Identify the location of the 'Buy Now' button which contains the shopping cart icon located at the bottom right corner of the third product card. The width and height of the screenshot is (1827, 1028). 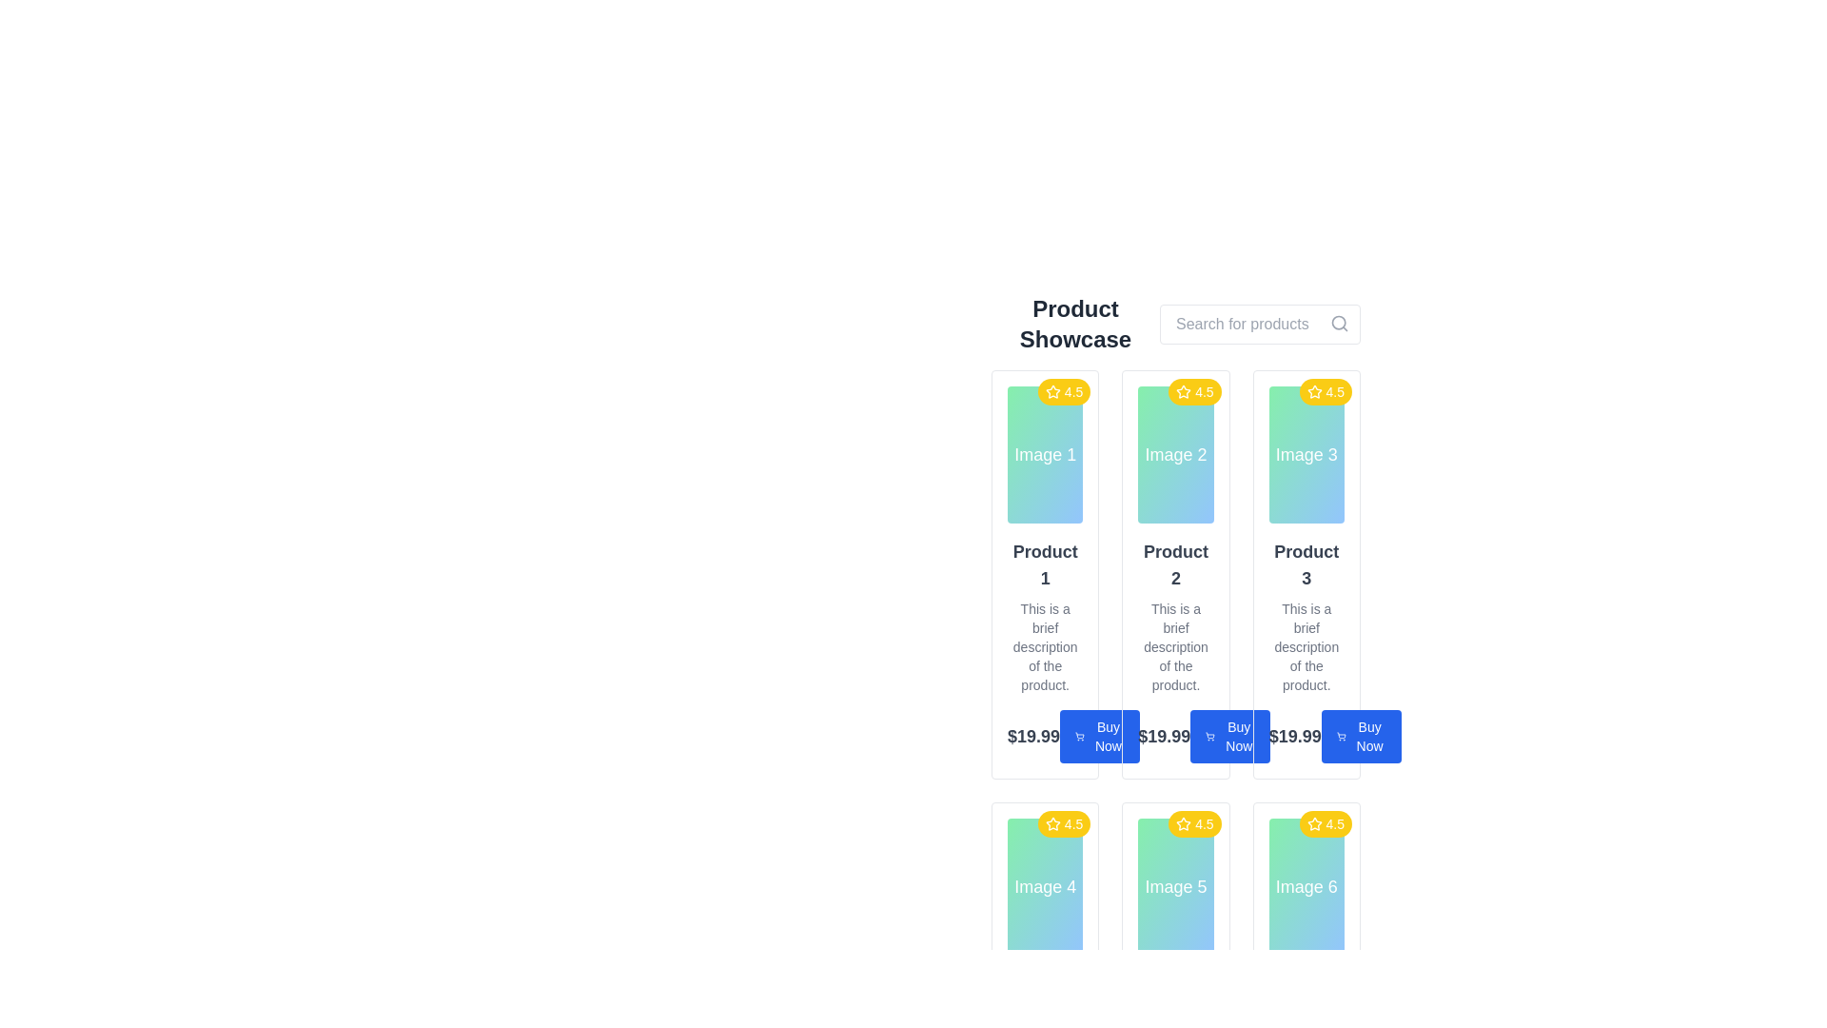
(1340, 736).